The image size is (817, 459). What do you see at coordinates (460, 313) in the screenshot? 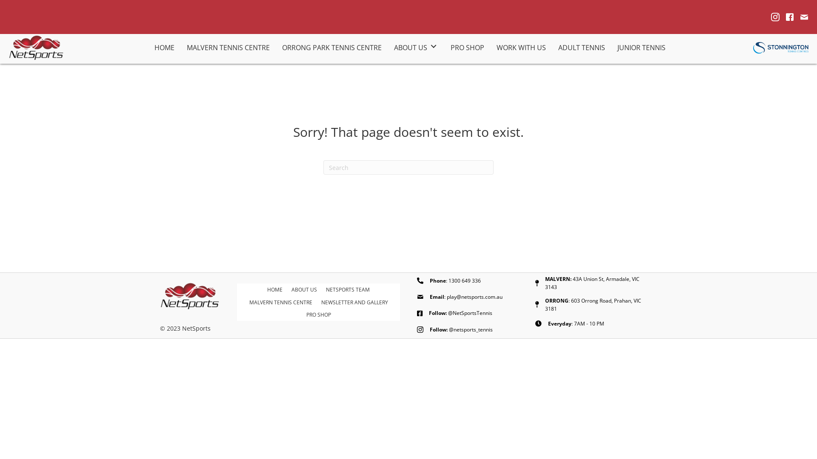
I see `'Follow: @NetSportsTennis'` at bounding box center [460, 313].